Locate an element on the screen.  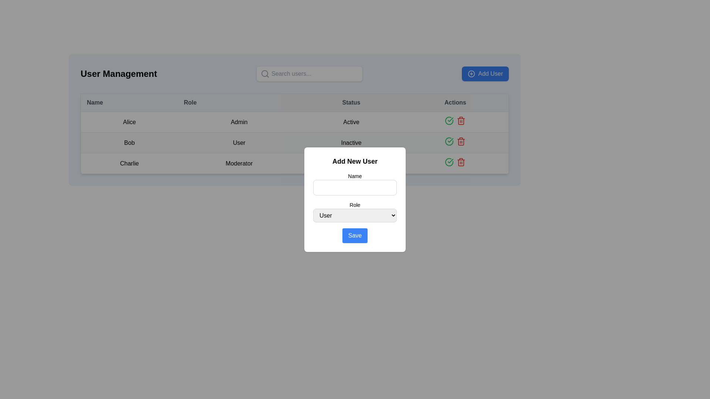
the 'Add User' text label on the button located at the top-right corner of the interface is located at coordinates (490, 74).